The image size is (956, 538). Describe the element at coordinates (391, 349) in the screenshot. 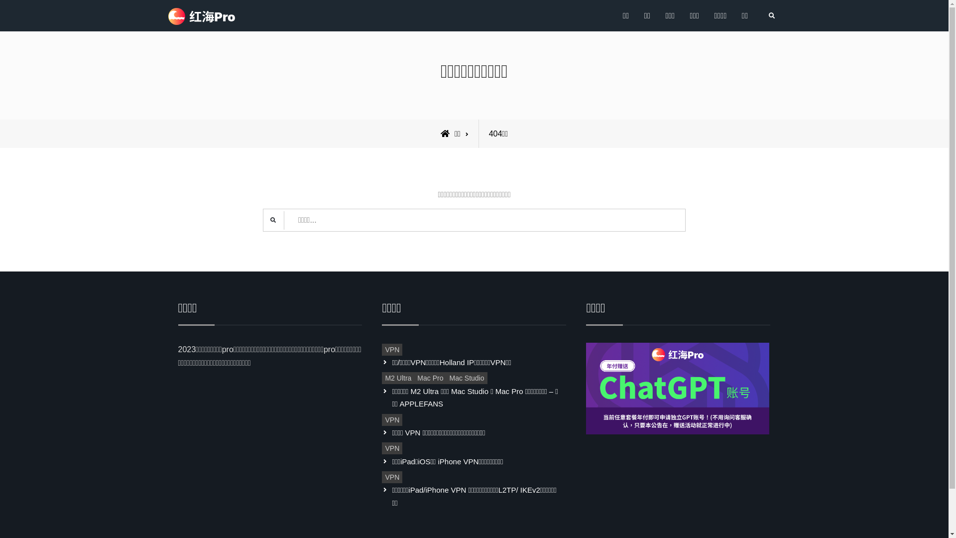

I see `'VPN'` at that location.